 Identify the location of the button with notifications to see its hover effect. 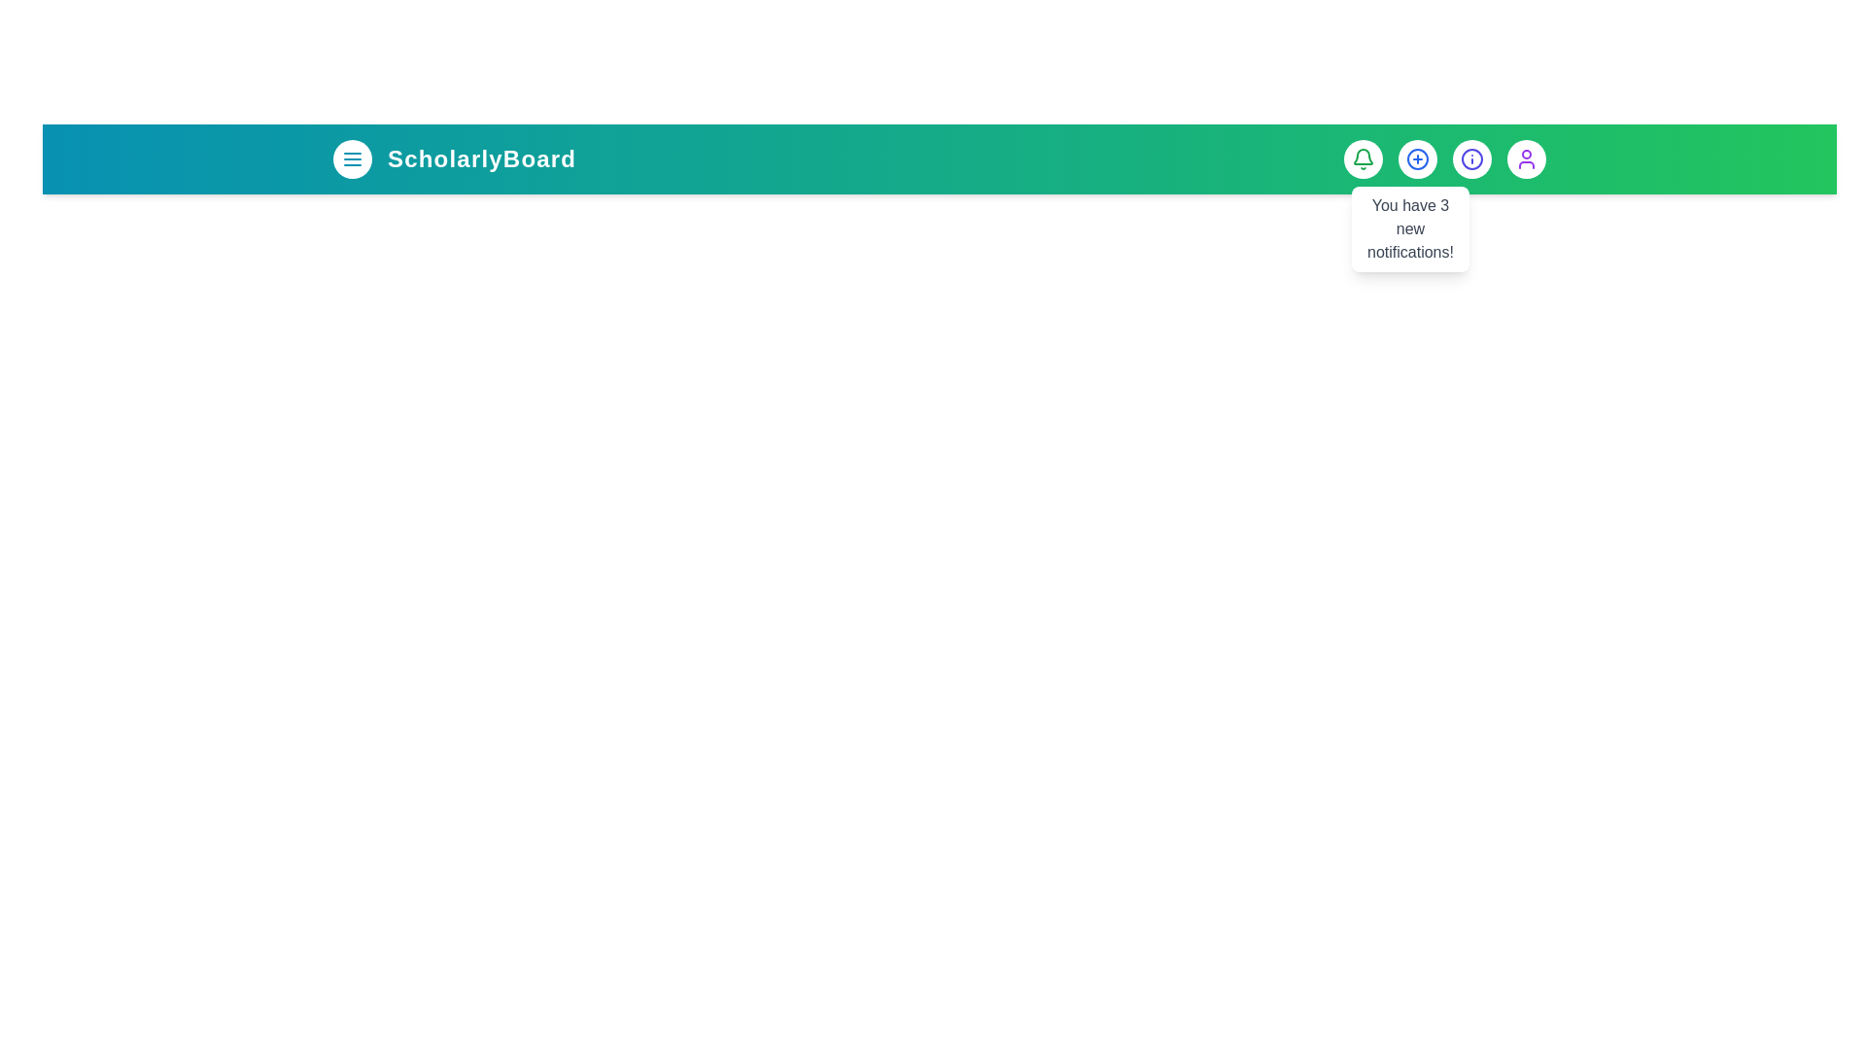
(1362, 158).